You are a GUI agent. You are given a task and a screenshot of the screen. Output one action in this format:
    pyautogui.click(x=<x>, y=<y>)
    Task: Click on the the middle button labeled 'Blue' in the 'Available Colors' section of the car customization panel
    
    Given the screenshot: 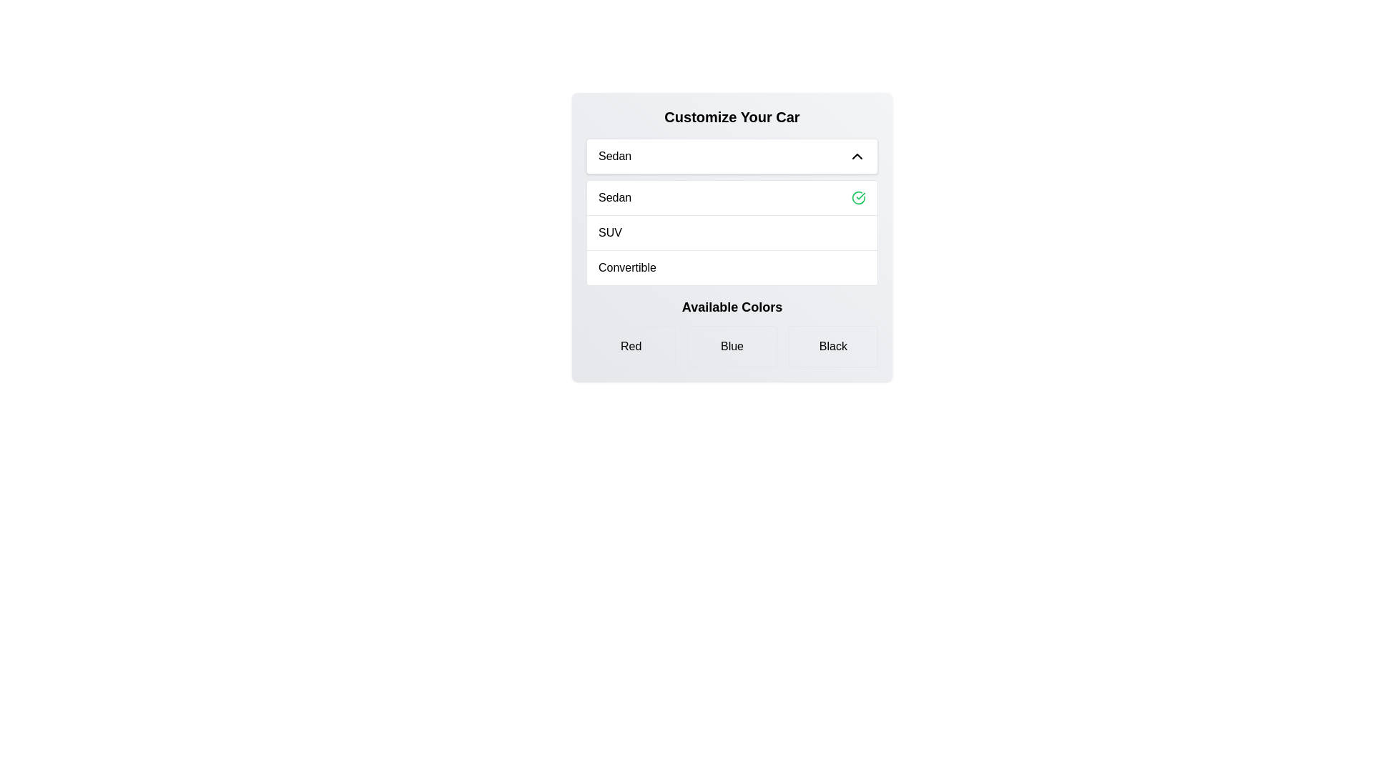 What is the action you would take?
    pyautogui.click(x=732, y=332)
    